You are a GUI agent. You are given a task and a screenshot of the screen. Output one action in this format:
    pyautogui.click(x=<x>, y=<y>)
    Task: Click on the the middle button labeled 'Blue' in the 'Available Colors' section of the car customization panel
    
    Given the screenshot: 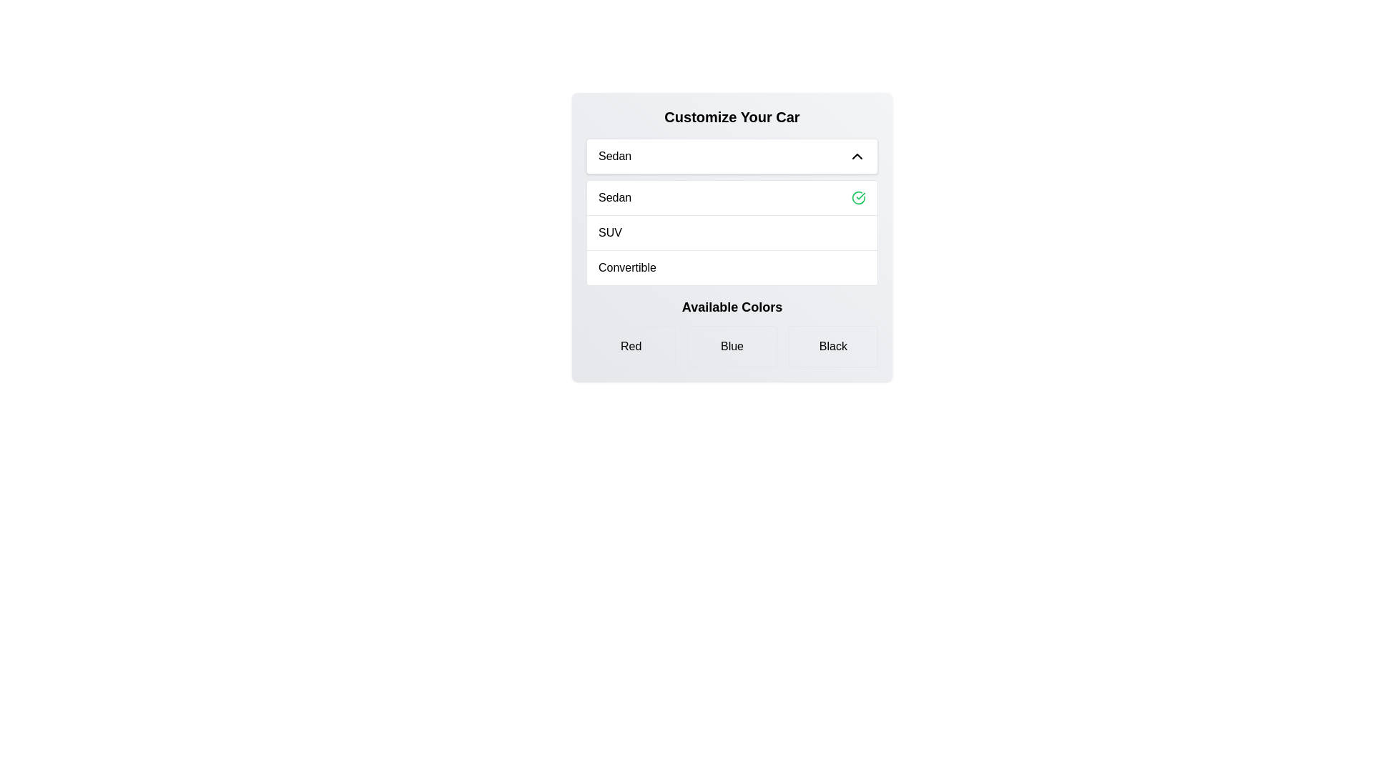 What is the action you would take?
    pyautogui.click(x=732, y=332)
    